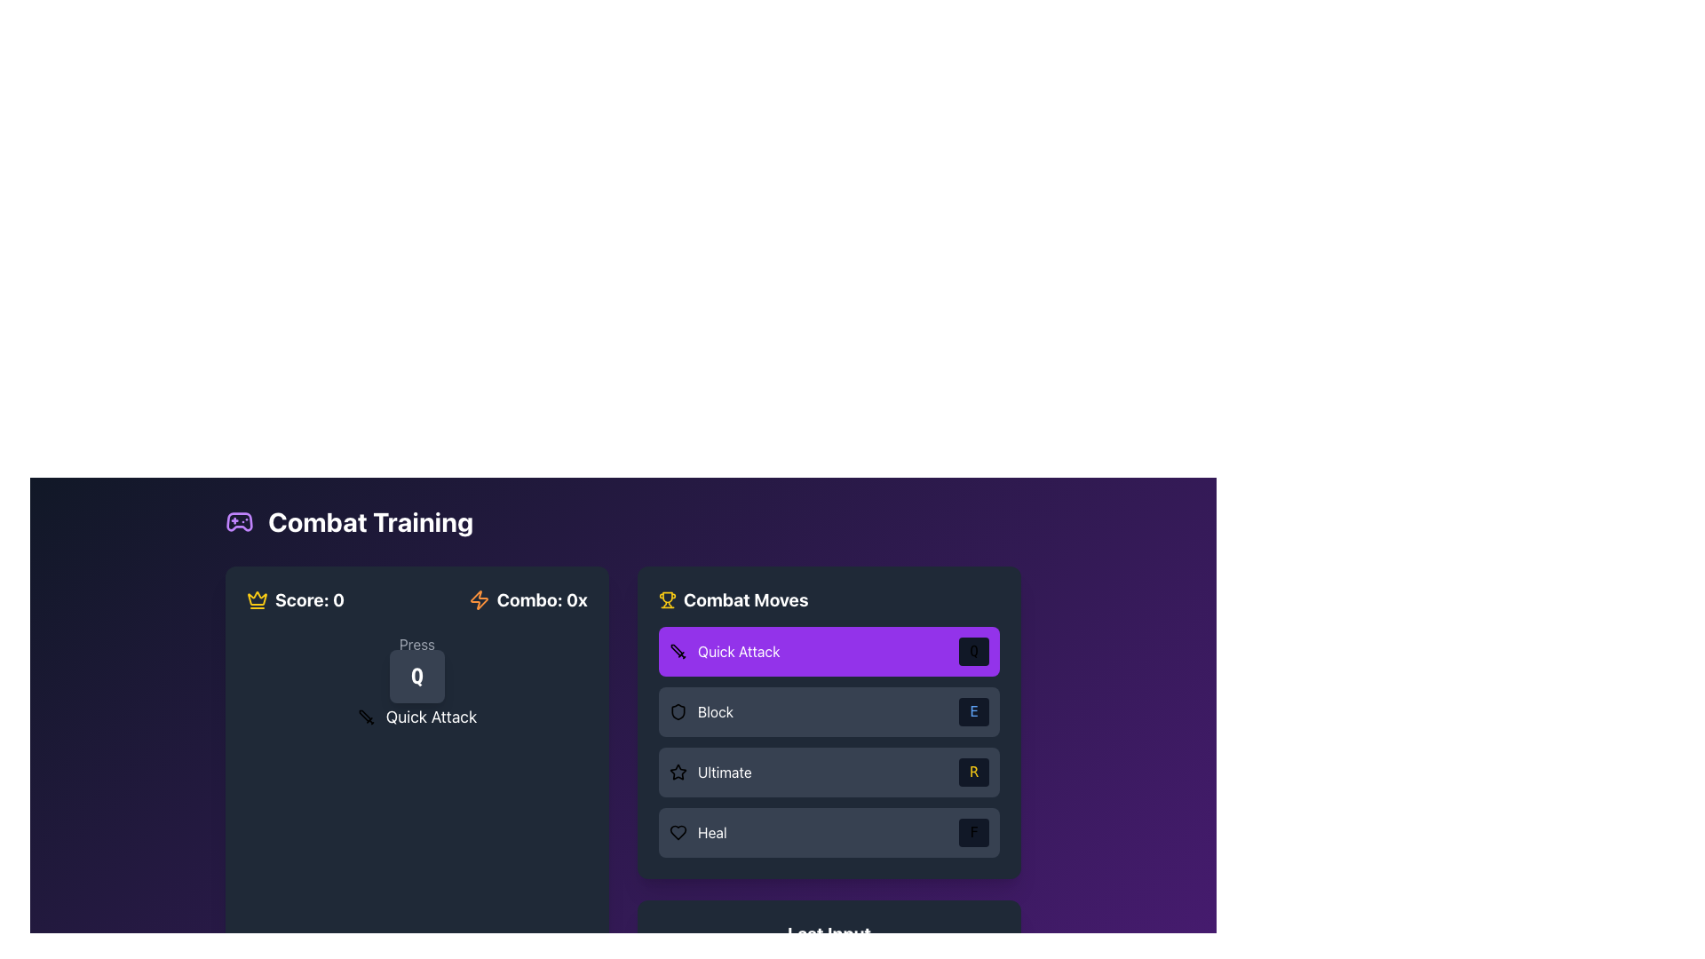 This screenshot has height=959, width=1705. What do you see at coordinates (829, 711) in the screenshot?
I see `the 'Block' action button located in the combat moves section, which is the second block in a vertical list of combat actions` at bounding box center [829, 711].